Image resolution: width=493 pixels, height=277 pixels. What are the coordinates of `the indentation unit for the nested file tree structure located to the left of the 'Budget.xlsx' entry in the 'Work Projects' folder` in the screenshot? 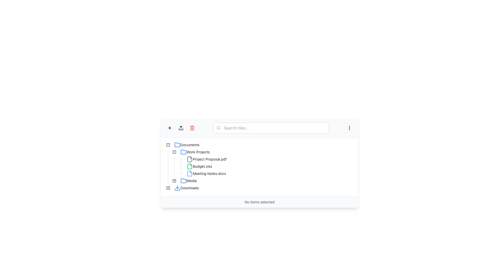 It's located at (171, 166).